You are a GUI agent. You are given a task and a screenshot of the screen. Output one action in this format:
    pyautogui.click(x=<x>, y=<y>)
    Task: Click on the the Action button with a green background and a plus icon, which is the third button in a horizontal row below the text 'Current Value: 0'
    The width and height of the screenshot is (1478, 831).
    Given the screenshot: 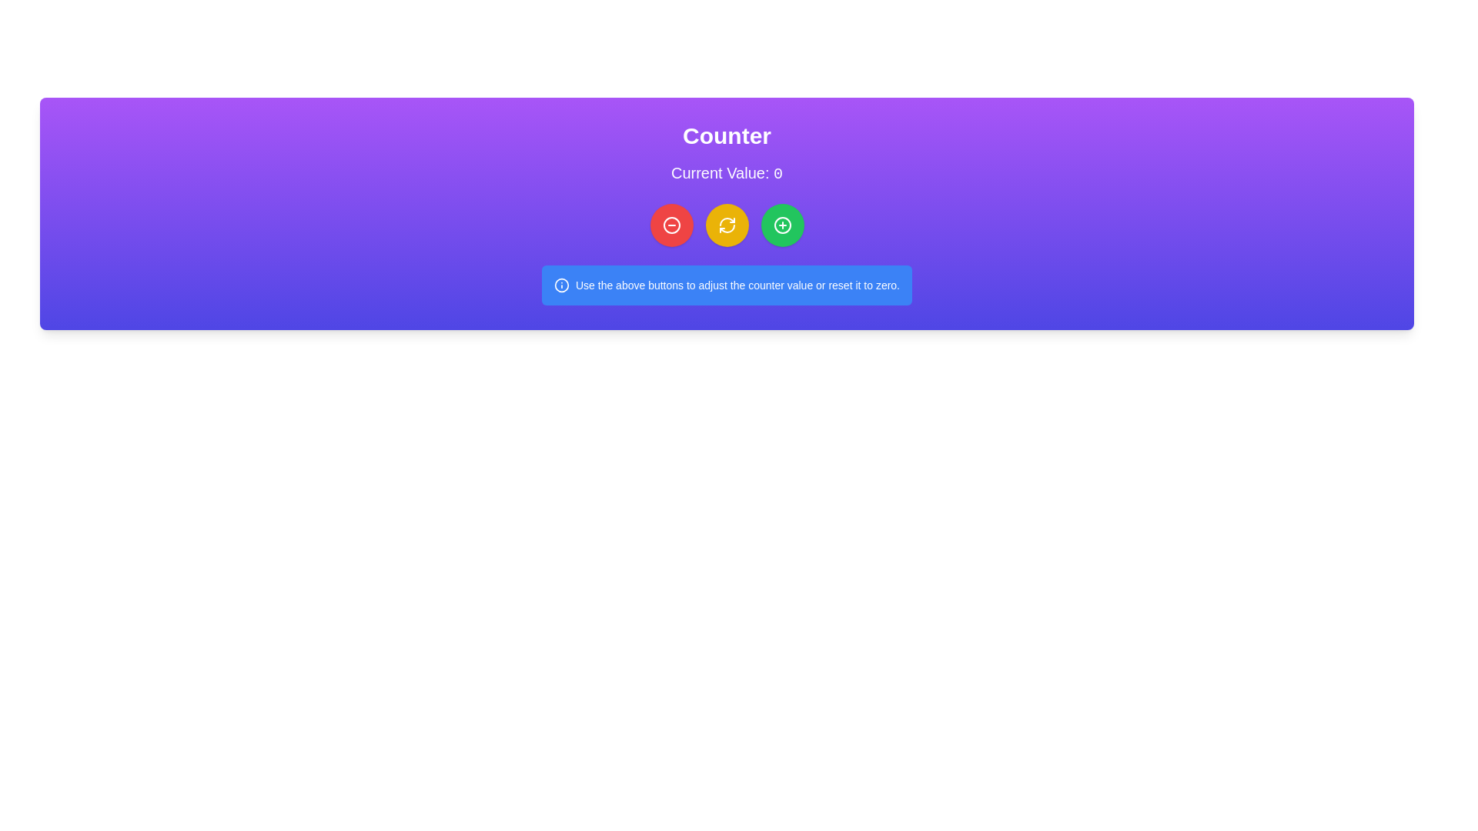 What is the action you would take?
    pyautogui.click(x=782, y=225)
    